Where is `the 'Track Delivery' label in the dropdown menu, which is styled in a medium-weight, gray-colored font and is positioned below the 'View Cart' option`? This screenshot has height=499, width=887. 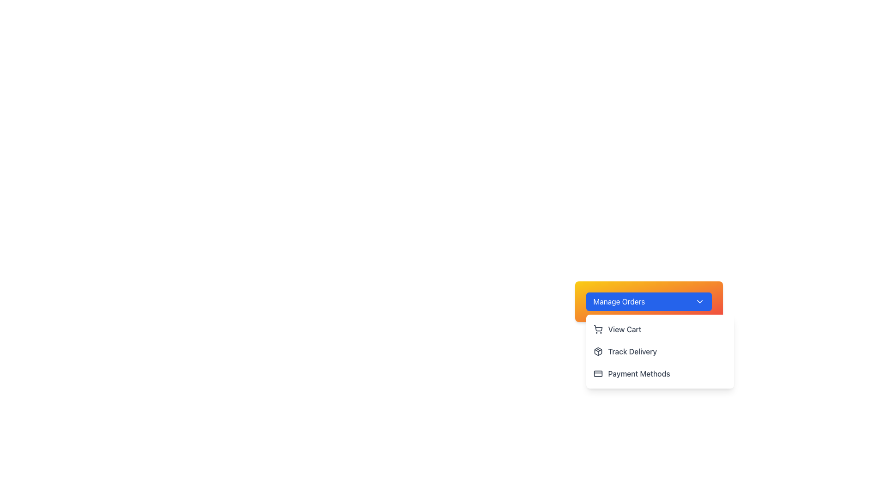
the 'Track Delivery' label in the dropdown menu, which is styled in a medium-weight, gray-colored font and is positioned below the 'View Cart' option is located at coordinates (632, 351).